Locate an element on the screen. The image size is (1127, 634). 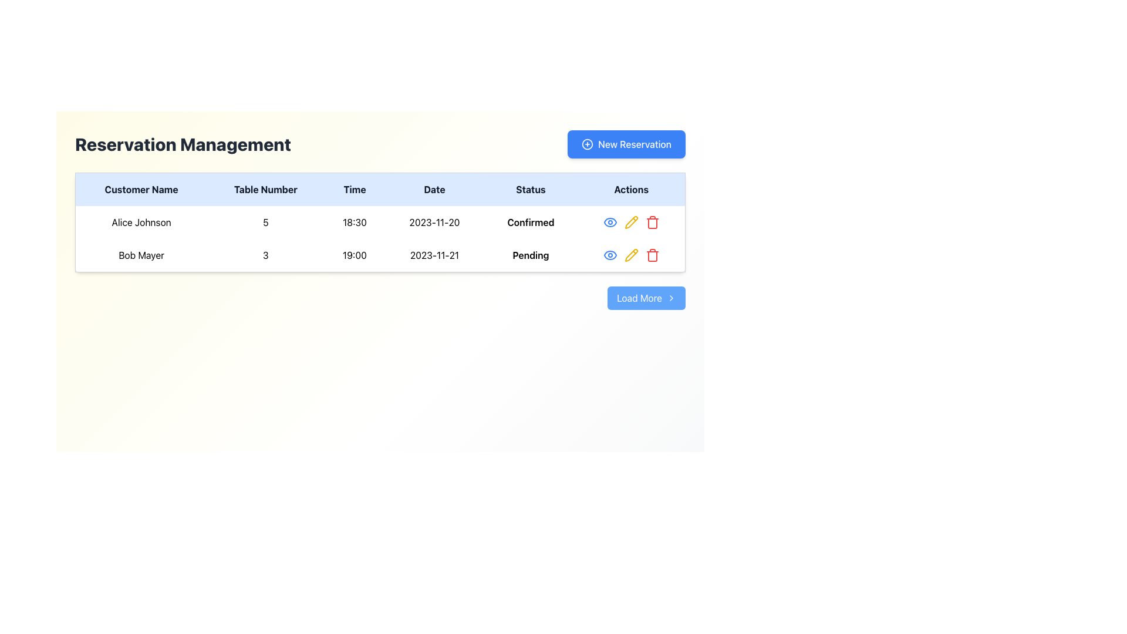
the text displaying the scheduled time for the reservation record located in the 'Time' column of the second row of the table is located at coordinates (354, 255).